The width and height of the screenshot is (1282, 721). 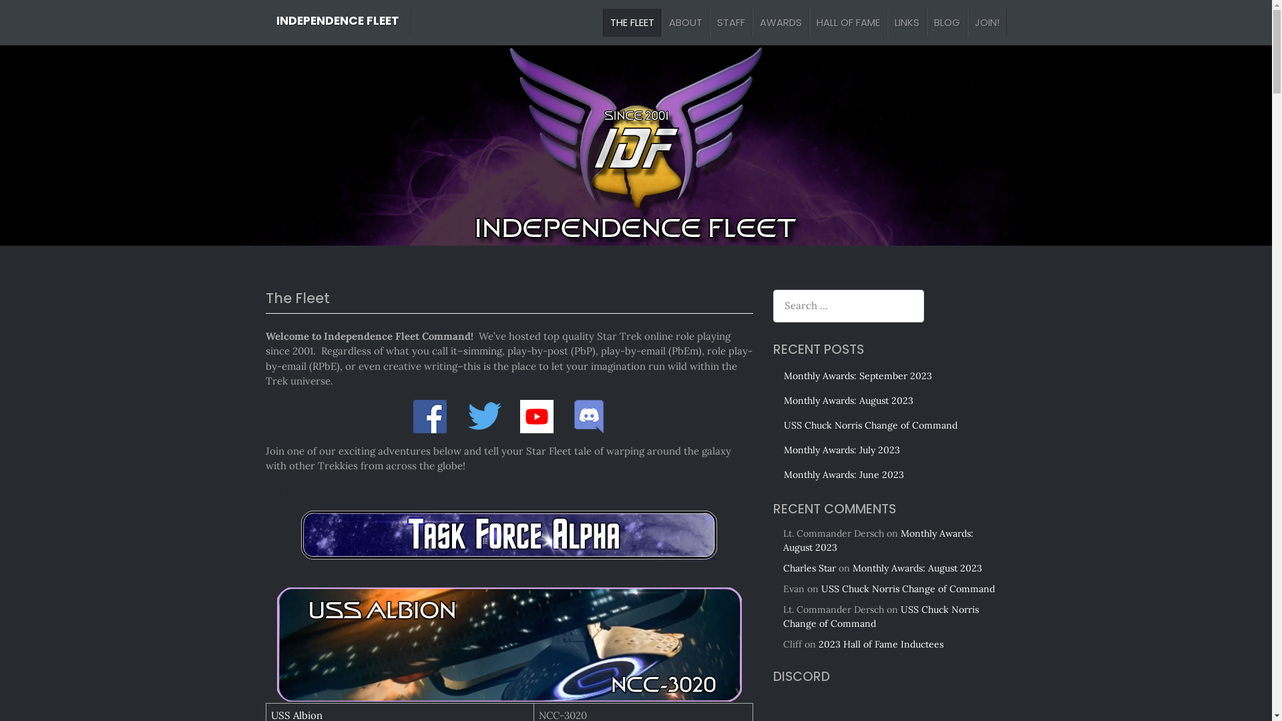 I want to click on 'INDEPENDENCE FLEET', so click(x=337, y=20).